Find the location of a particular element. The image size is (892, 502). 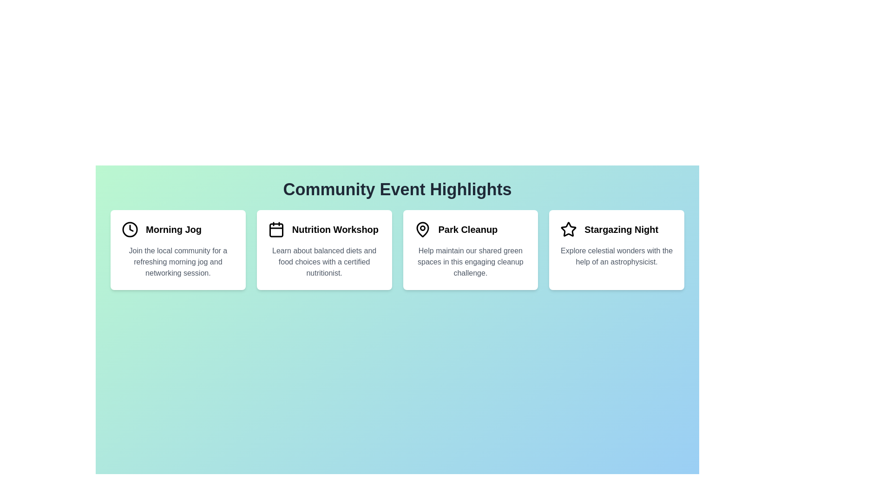

the label that describes the 'Nutrition Workshop' event located at the top of the second card under the 'Community Event Highlights' header is located at coordinates (324, 229).